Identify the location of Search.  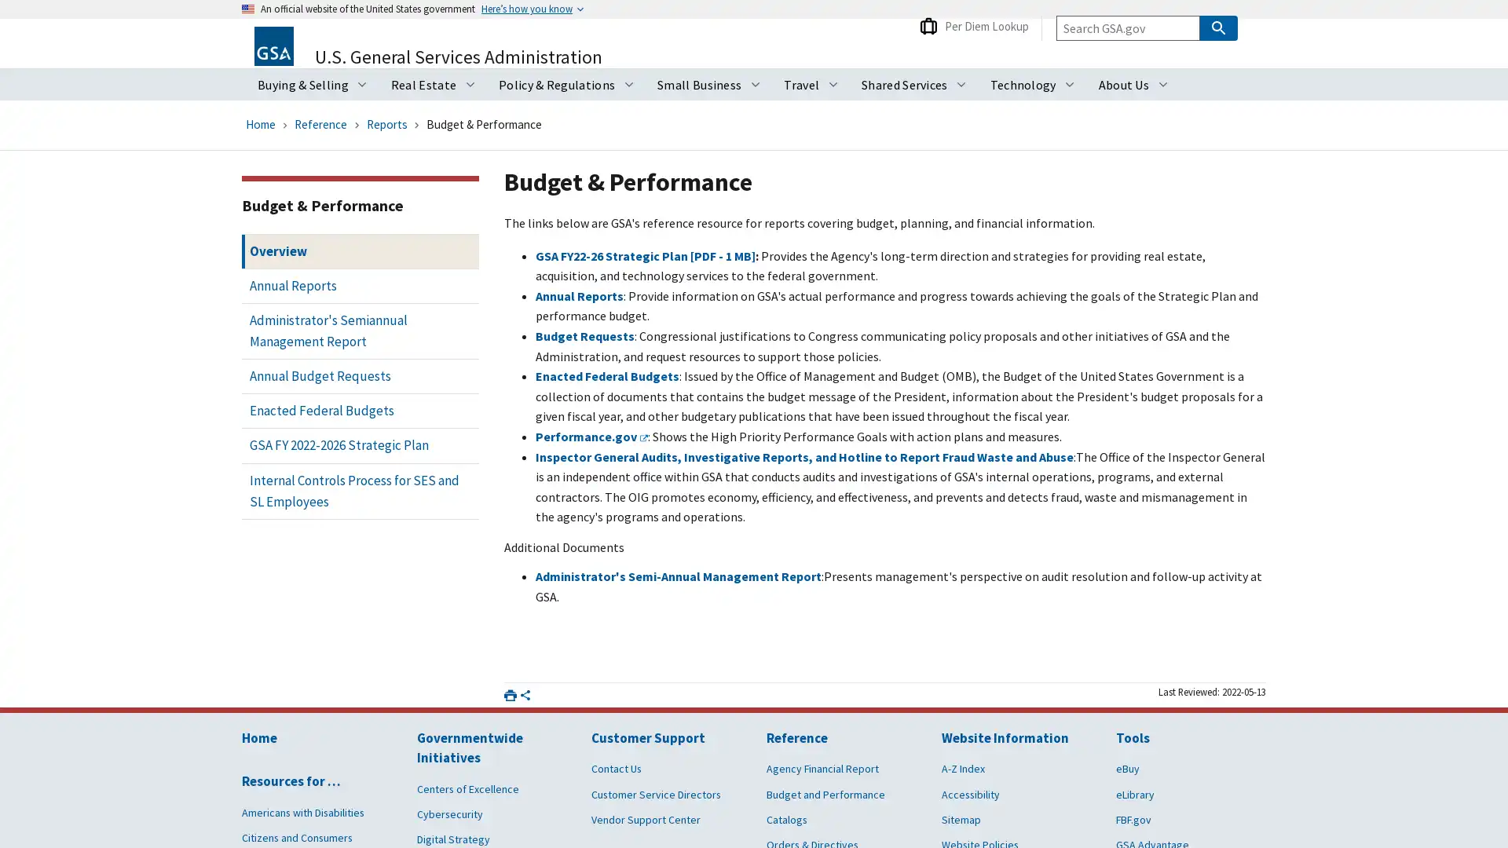
(1217, 53).